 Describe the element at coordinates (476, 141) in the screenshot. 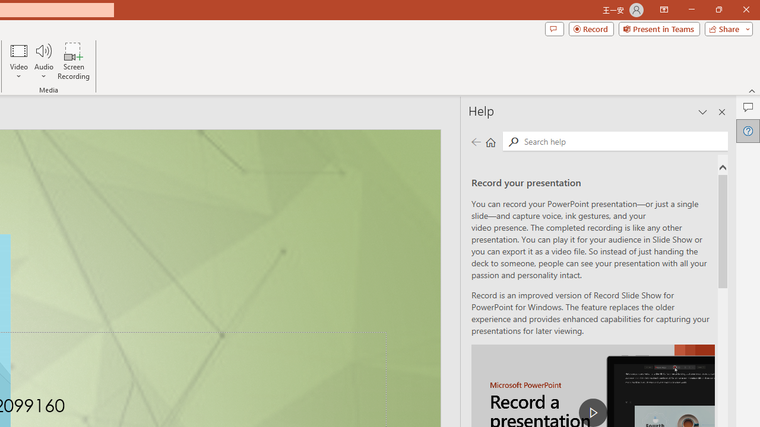

I see `'Previous page'` at that location.